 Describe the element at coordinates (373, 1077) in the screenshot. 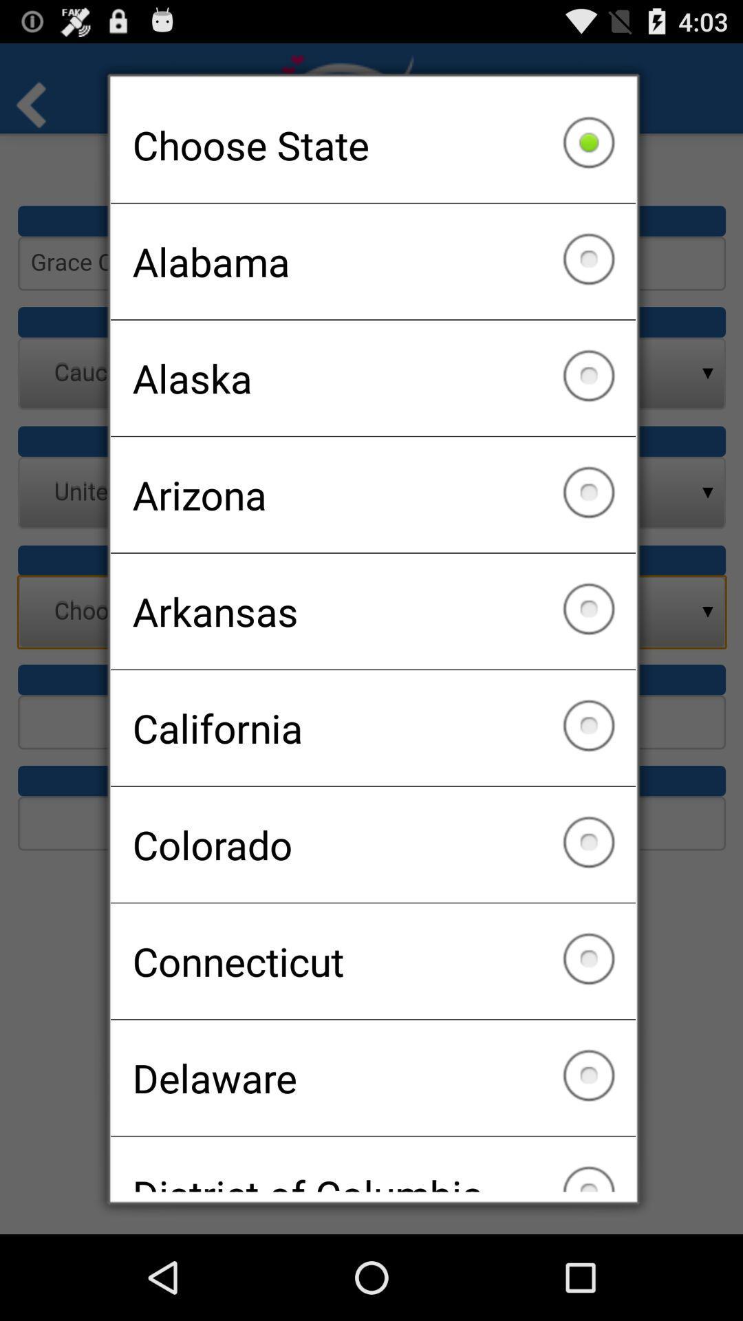

I see `delaware` at that location.